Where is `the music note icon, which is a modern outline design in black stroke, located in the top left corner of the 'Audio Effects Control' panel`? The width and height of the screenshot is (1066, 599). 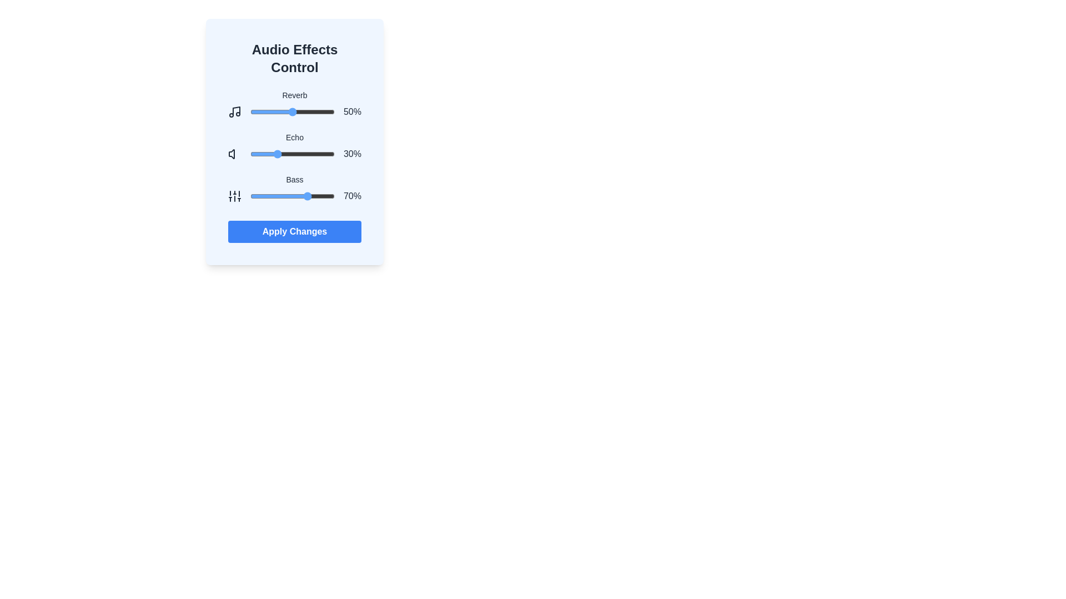
the music note icon, which is a modern outline design in black stroke, located in the top left corner of the 'Audio Effects Control' panel is located at coordinates (234, 111).